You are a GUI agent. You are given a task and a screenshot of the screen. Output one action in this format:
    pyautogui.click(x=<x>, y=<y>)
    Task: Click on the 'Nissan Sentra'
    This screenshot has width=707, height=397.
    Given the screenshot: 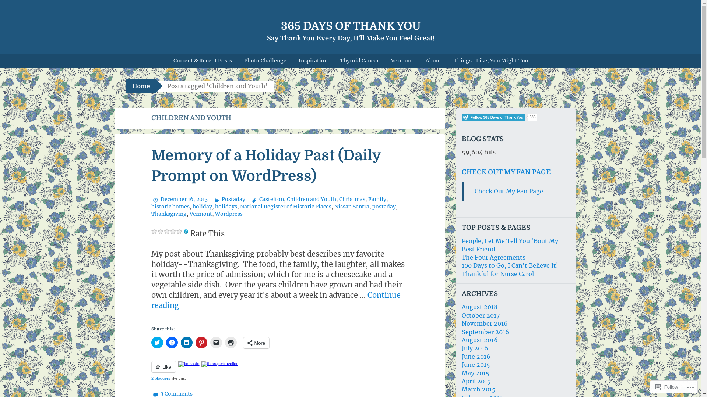 What is the action you would take?
    pyautogui.click(x=334, y=207)
    